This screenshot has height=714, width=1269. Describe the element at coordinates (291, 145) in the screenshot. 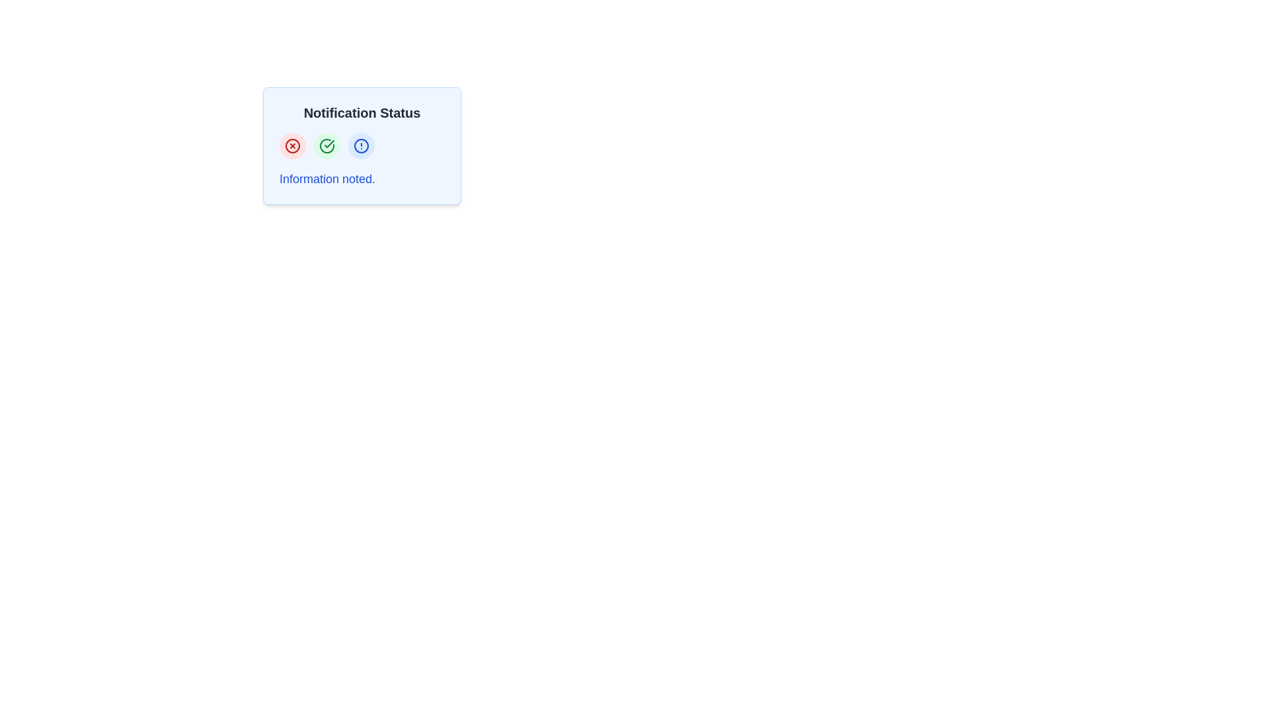

I see `the dismiss button` at that location.